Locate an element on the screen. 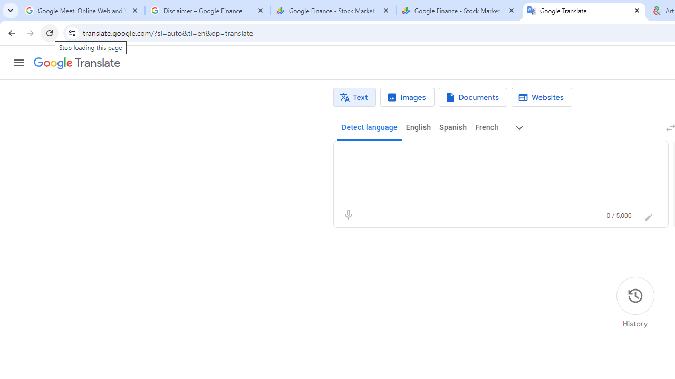  'Google Translate' is located at coordinates (76, 63).